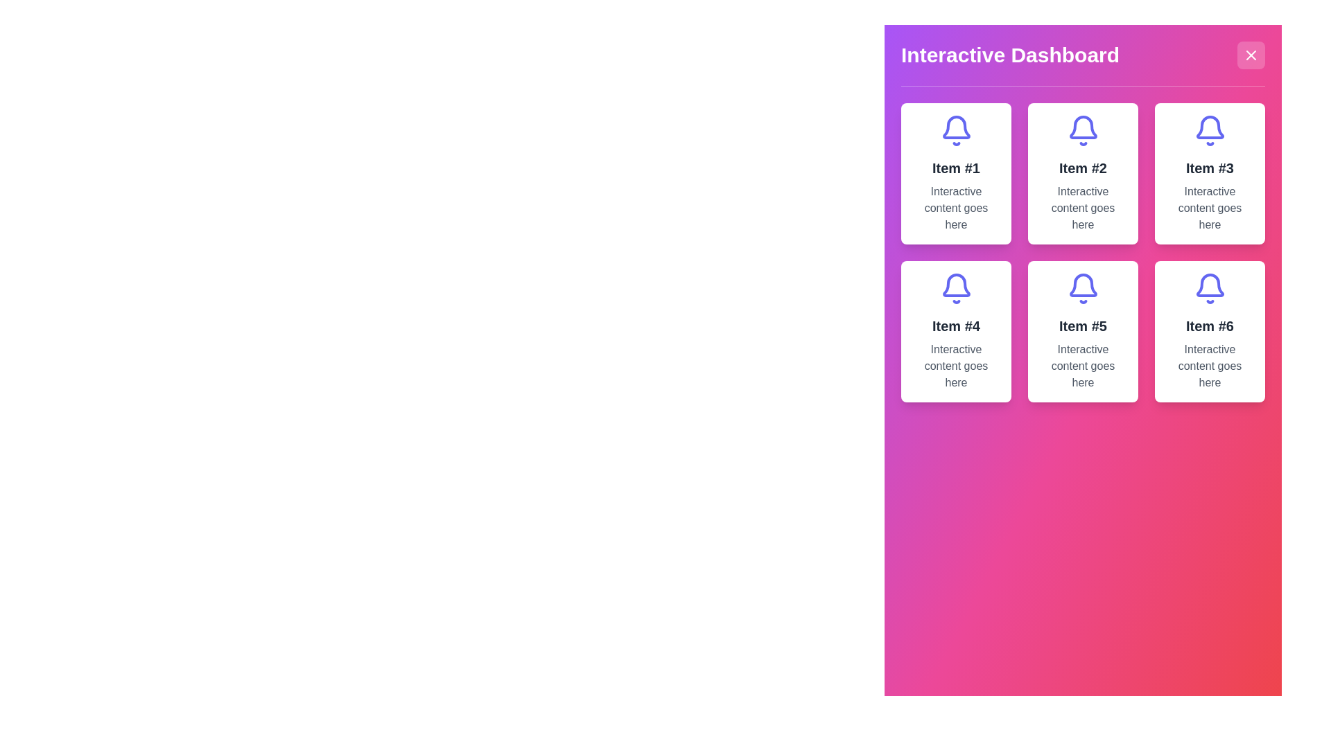 This screenshot has width=1331, height=748. Describe the element at coordinates (1209, 287) in the screenshot. I see `the notification icon located within the card labeled 'Item #6', positioned in the bottom right corner of the 2x3 grid layout` at that location.